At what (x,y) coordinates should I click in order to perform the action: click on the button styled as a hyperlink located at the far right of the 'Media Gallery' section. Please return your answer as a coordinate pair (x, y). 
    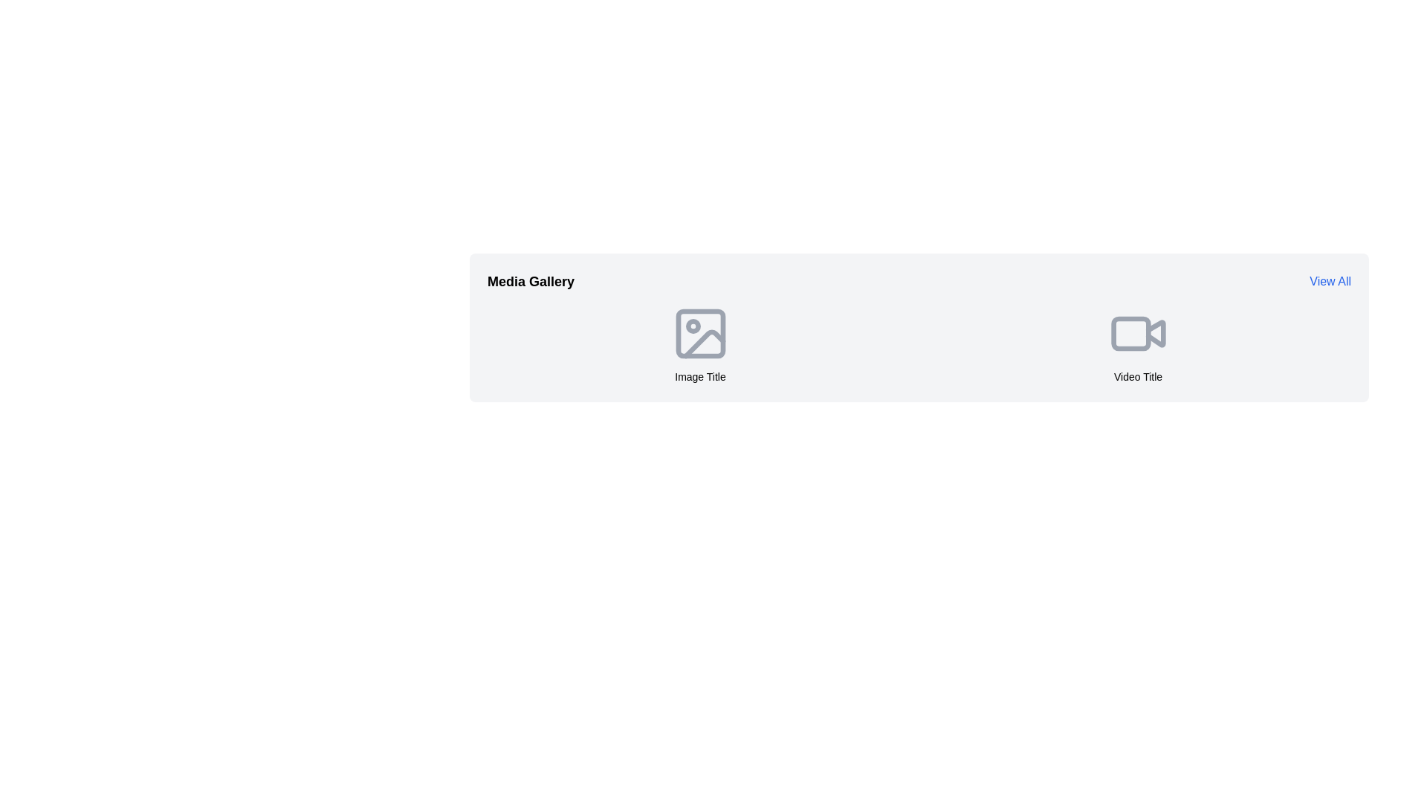
    Looking at the image, I should click on (1330, 281).